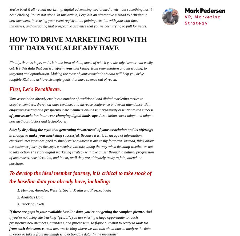 The width and height of the screenshot is (240, 236). What do you see at coordinates (77, 211) in the screenshot?
I see `'If there are gaps in your available baseline data, you’re not getting the complete picture.'` at bounding box center [77, 211].